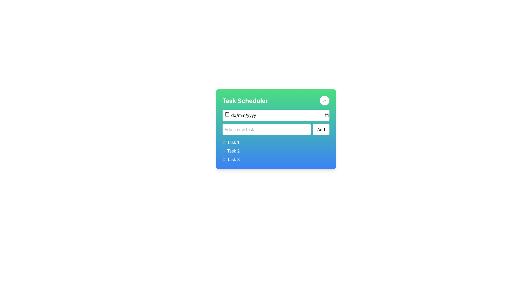  Describe the element at coordinates (324, 100) in the screenshot. I see `the circular button with a white background and black upward arrow icon located in the top-right section of the 'Task Scheduler' header` at that location.